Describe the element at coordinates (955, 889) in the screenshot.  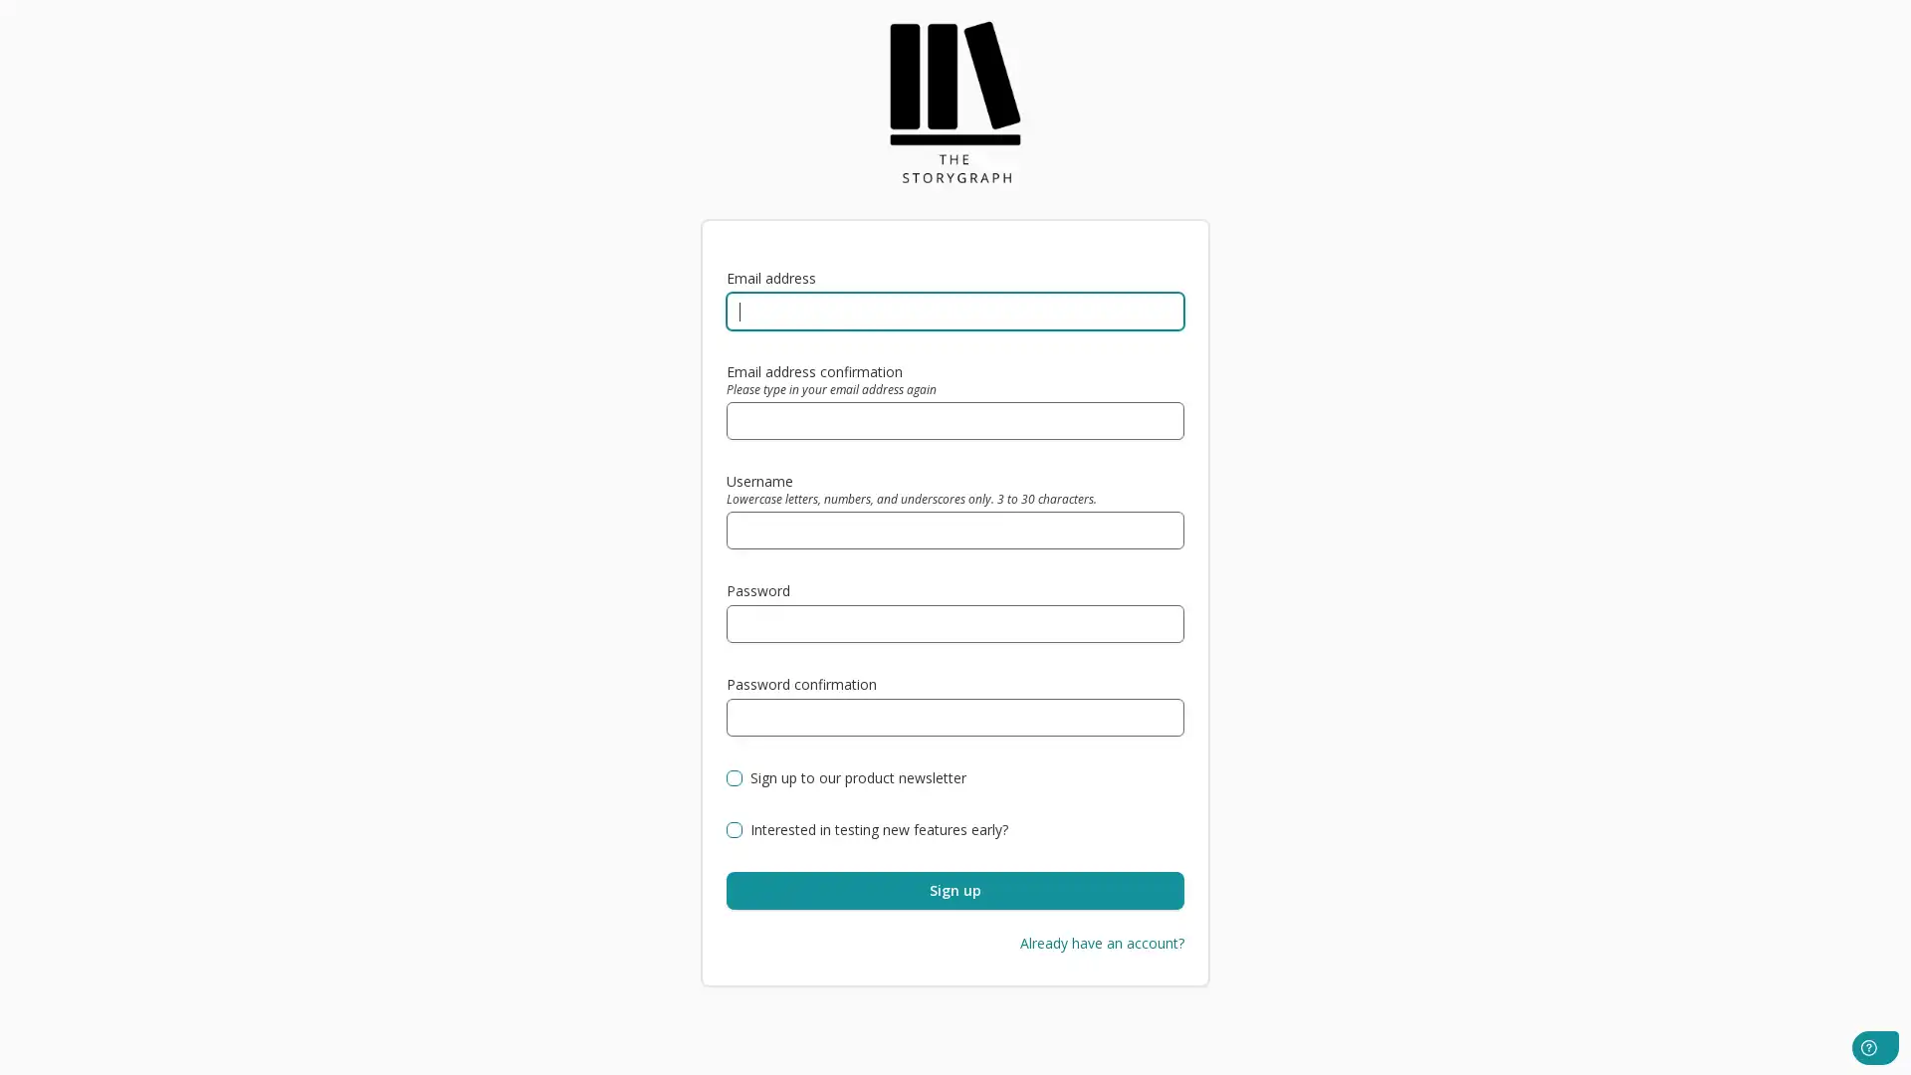
I see `Sign up` at that location.